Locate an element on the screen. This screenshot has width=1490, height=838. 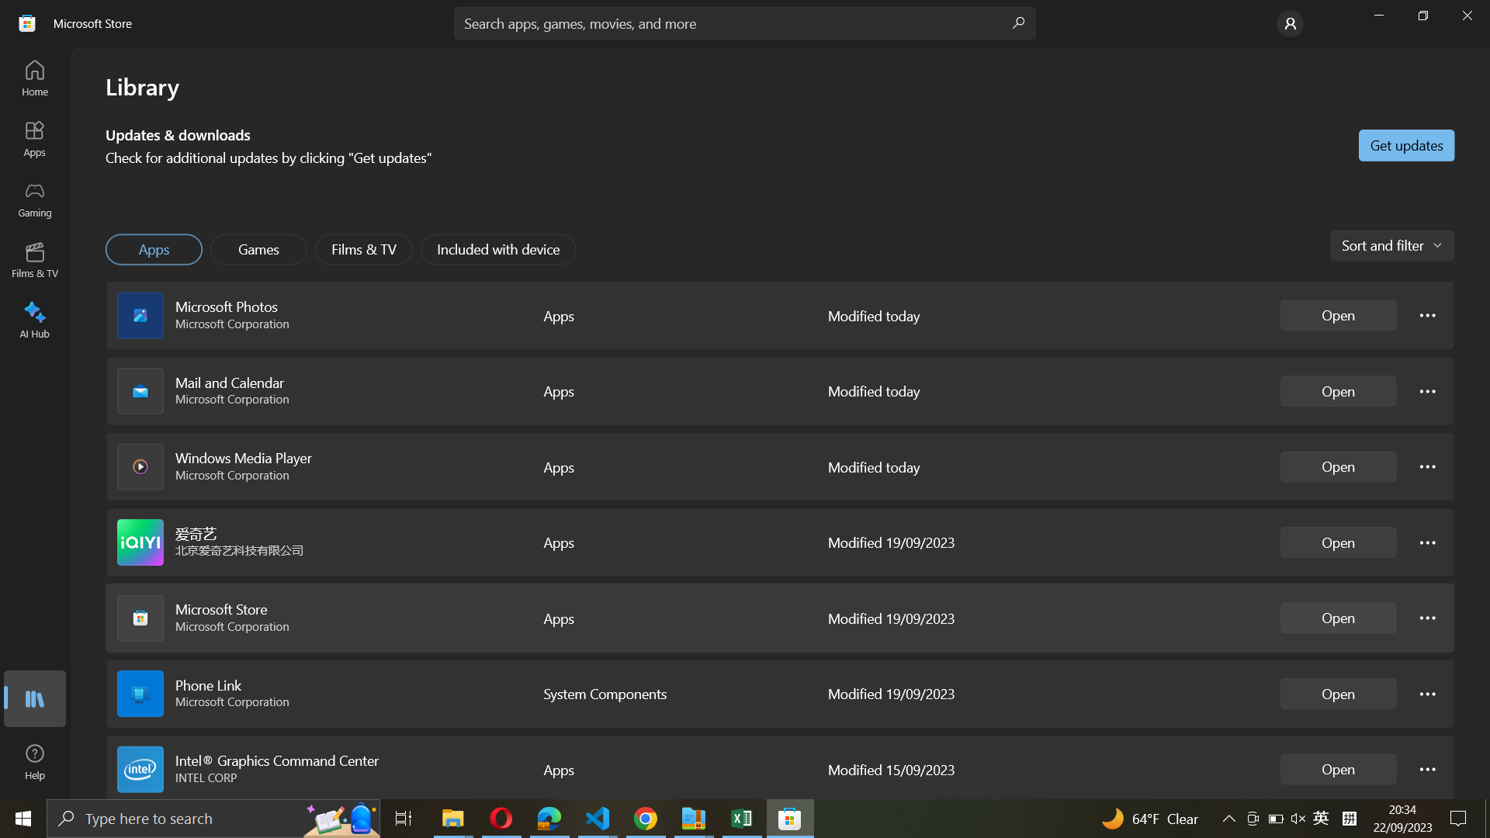
Gaming is located at coordinates (36, 199).